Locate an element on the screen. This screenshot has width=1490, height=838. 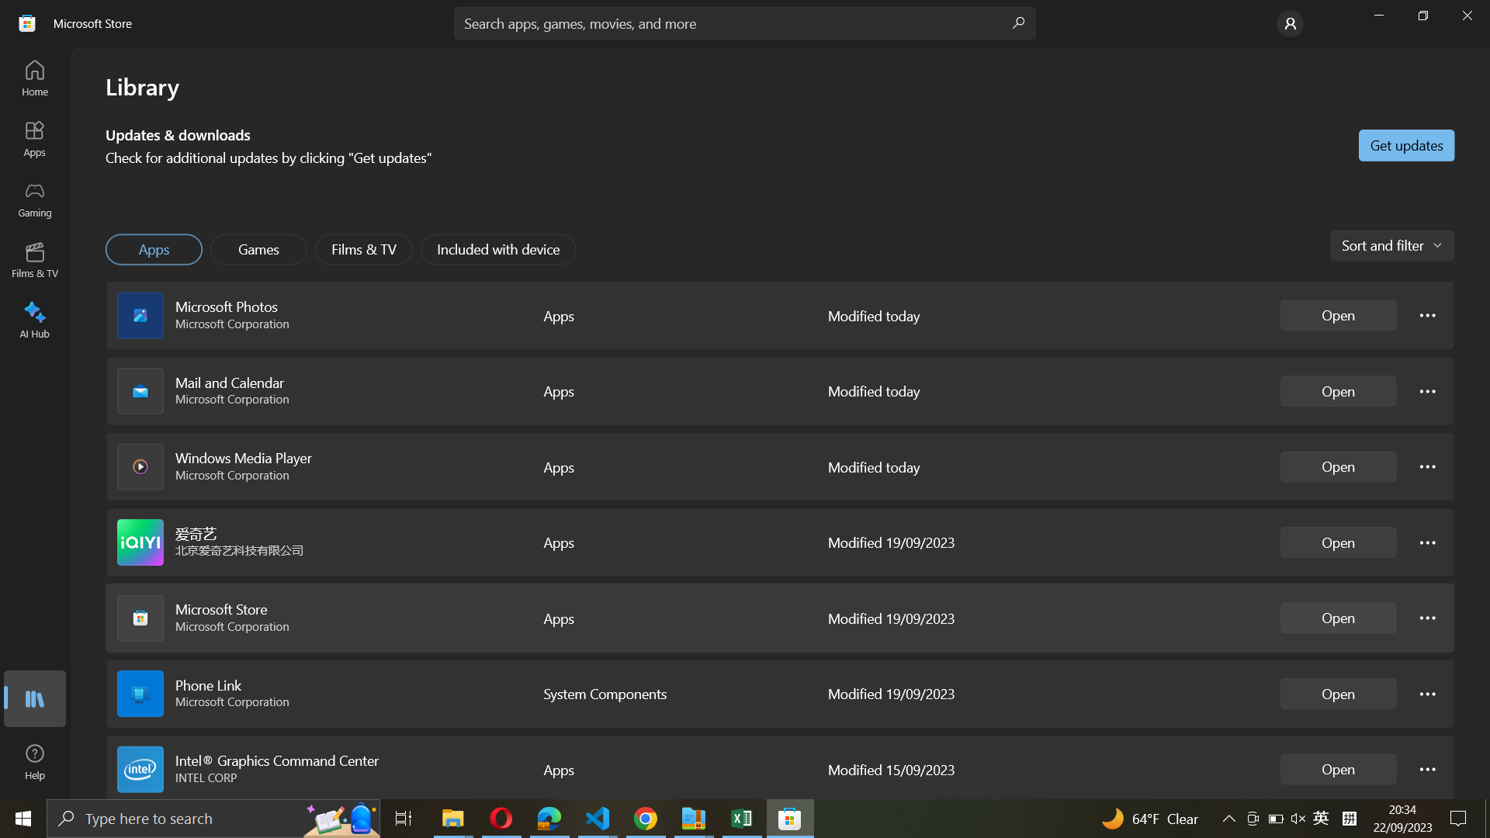
Gaming is located at coordinates (36, 199).